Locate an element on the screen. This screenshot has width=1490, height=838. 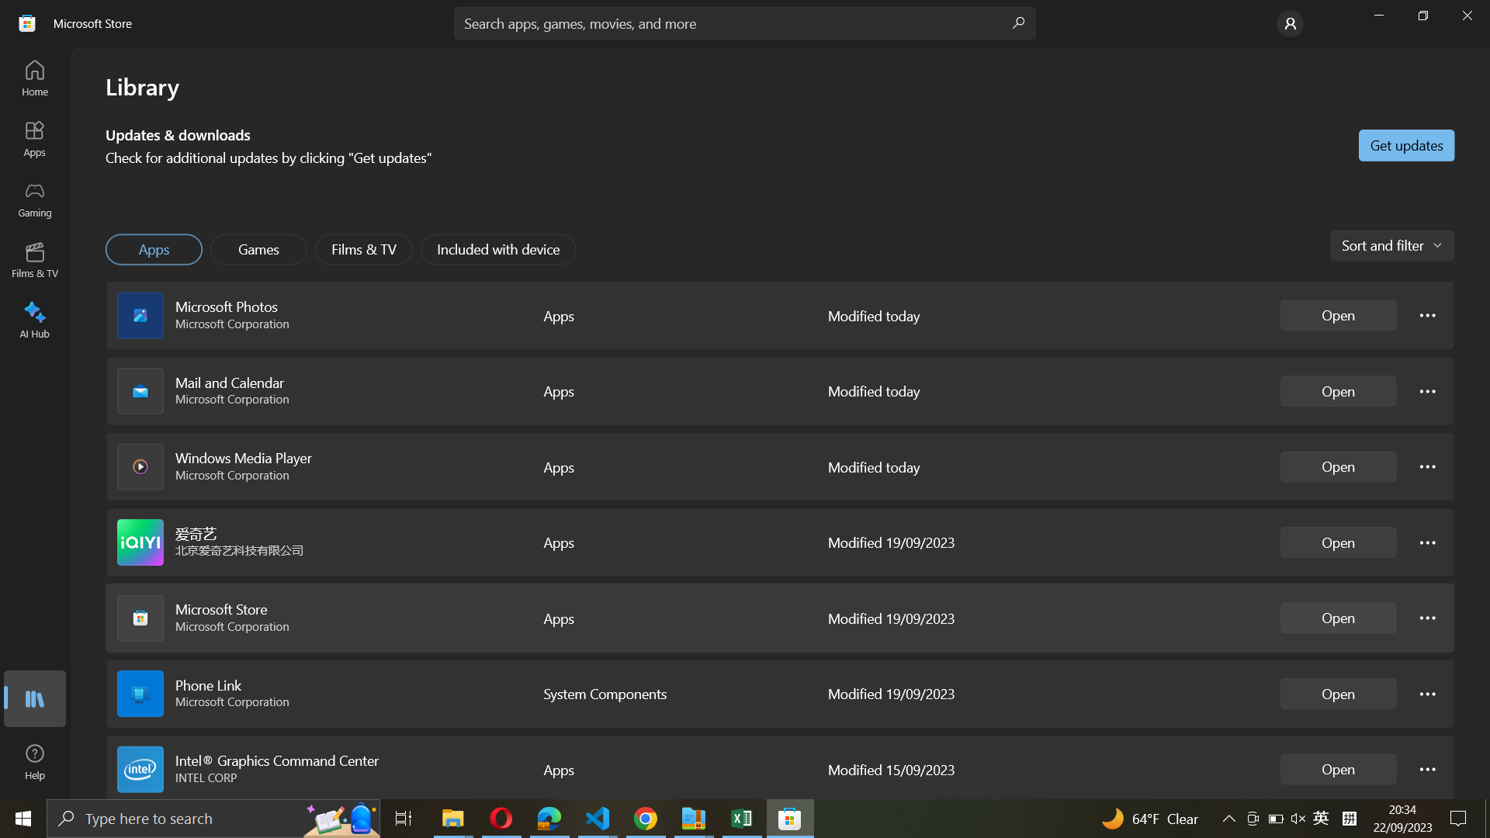
Gaming is located at coordinates (36, 199).